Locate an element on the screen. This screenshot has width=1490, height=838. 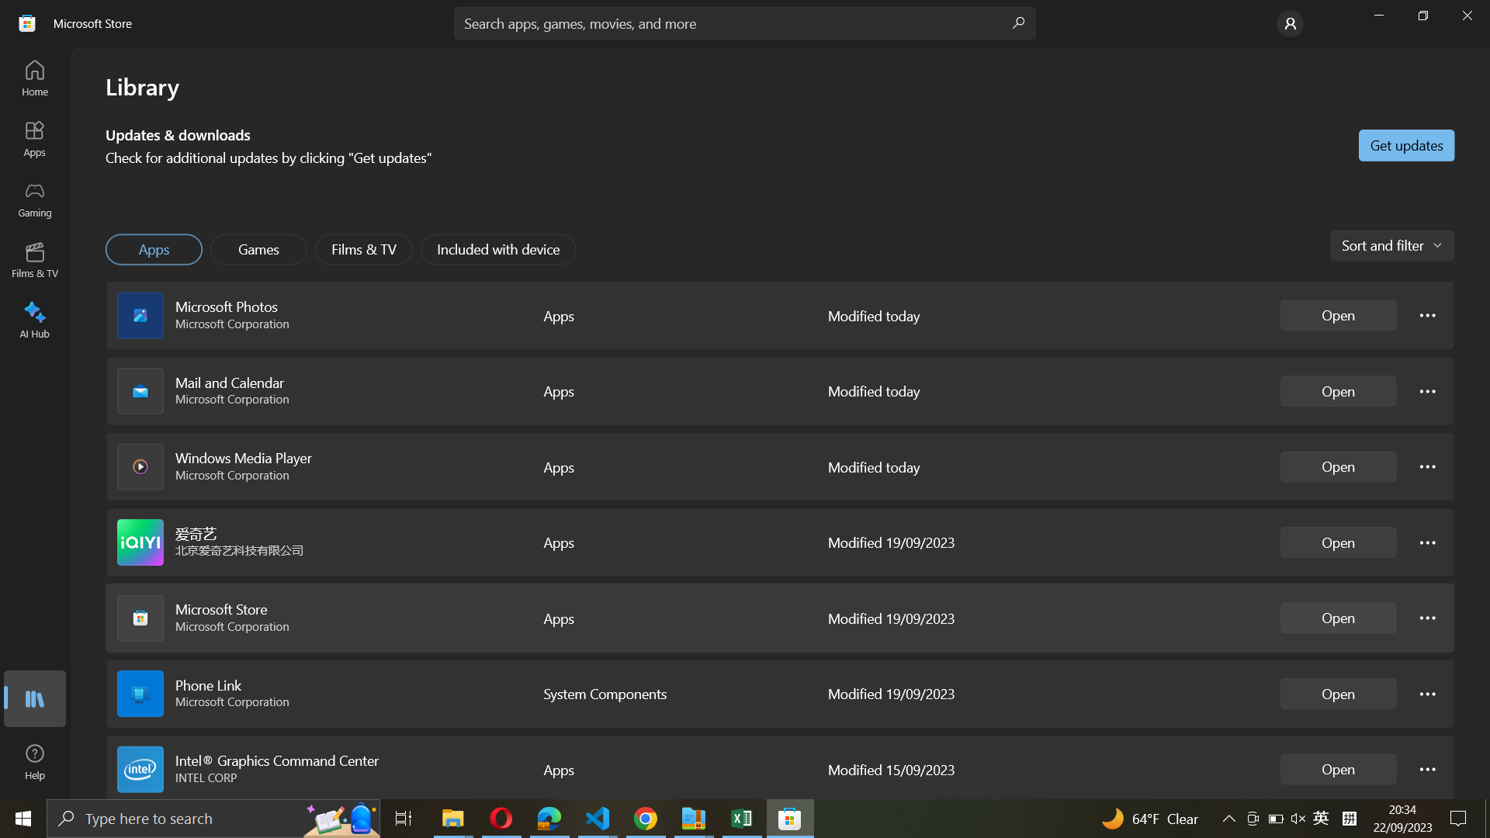
Gaming is located at coordinates (36, 199).